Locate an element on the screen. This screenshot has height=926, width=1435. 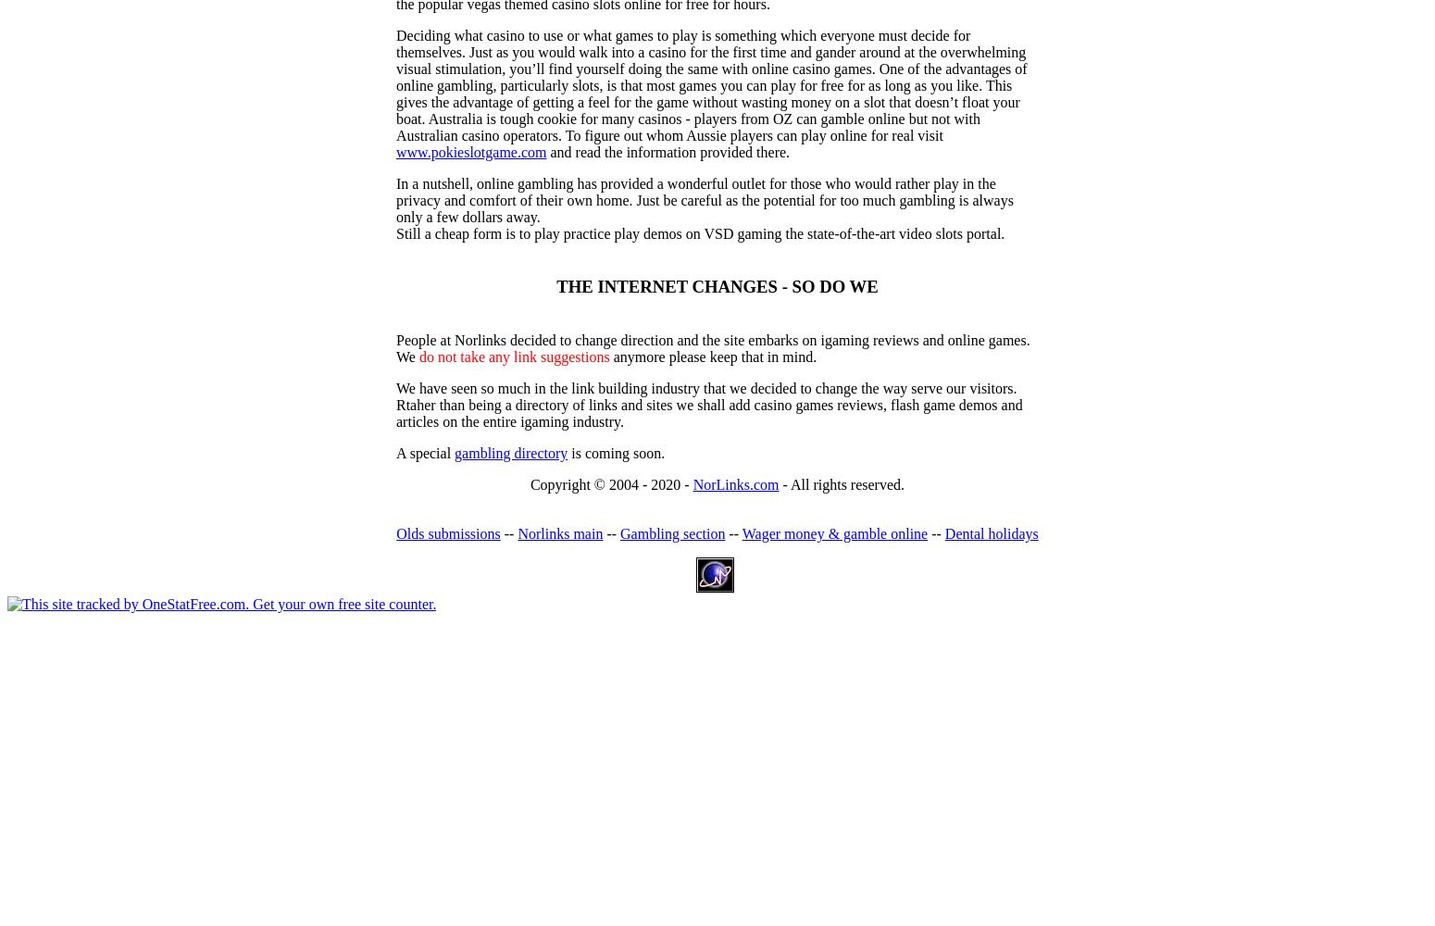
'Copyright © 2004 - 2020 -' is located at coordinates (609, 484).